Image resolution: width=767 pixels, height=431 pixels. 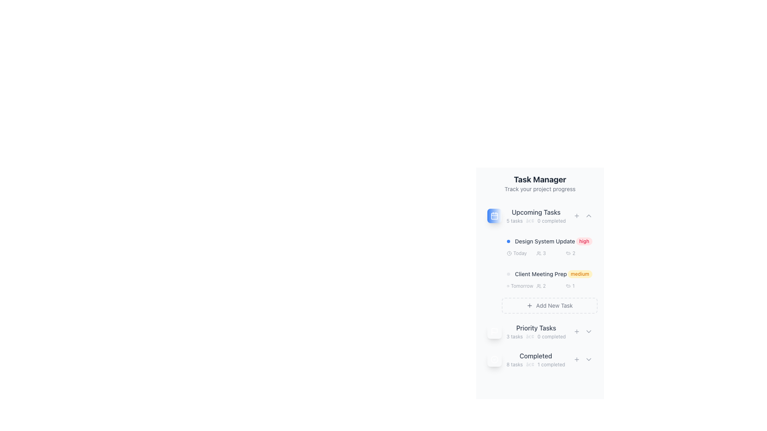 What do you see at coordinates (588, 360) in the screenshot?
I see `the chevron-down icon located at the far-right end of the 'Completed' section in the Task Manager` at bounding box center [588, 360].